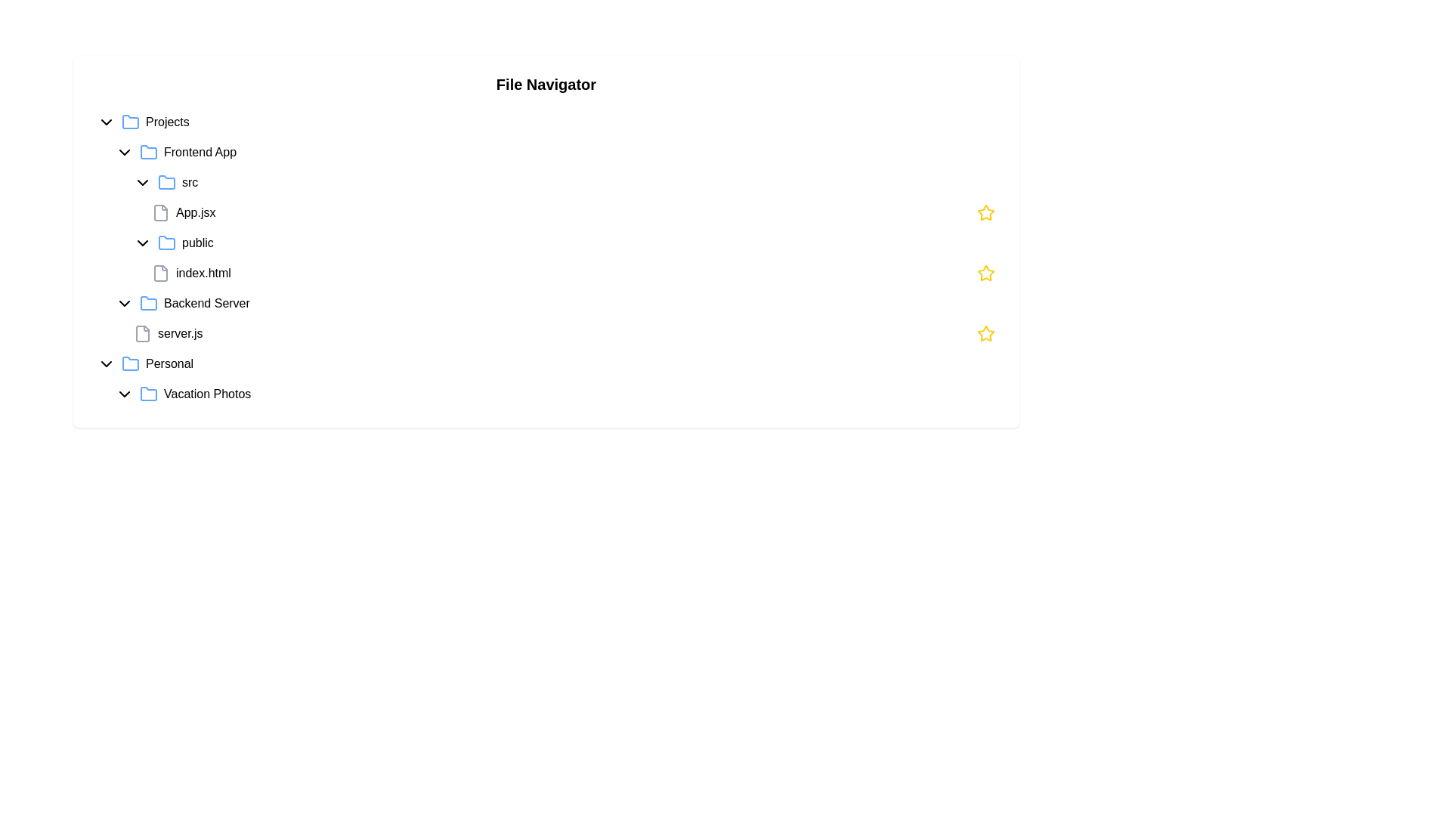 This screenshot has width=1451, height=816. What do you see at coordinates (142, 182) in the screenshot?
I see `the dropdown toggle button located to the left of the 'src' label in the 'Frontend App' folder` at bounding box center [142, 182].